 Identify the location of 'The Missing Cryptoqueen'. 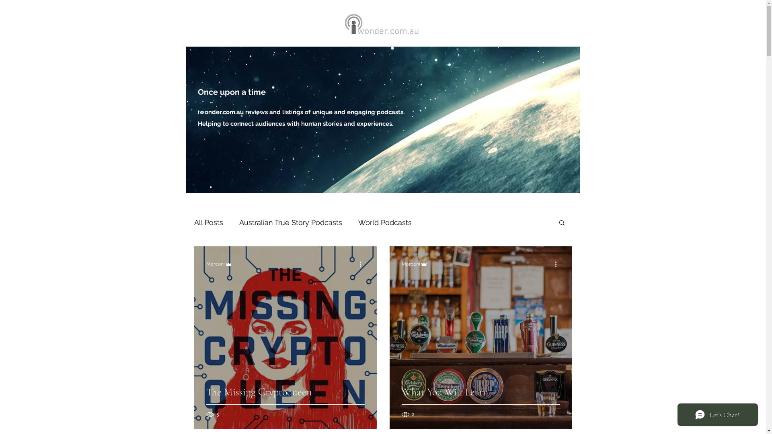
(285, 401).